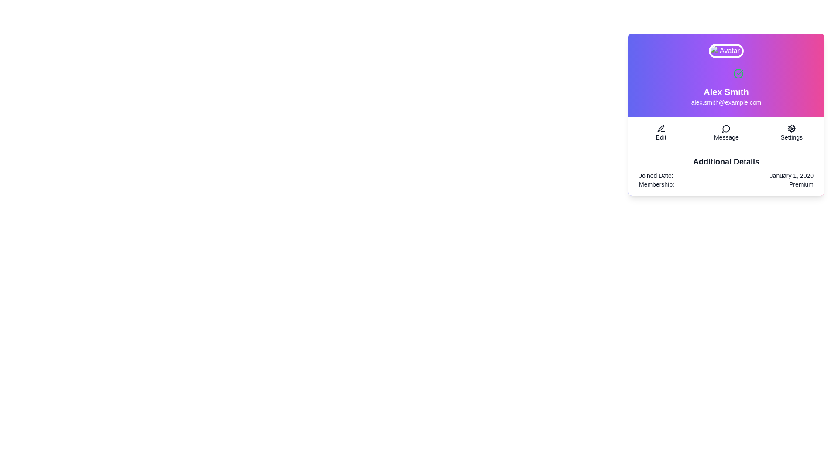 Image resolution: width=838 pixels, height=471 pixels. What do you see at coordinates (726, 133) in the screenshot?
I see `the 'Message' button, which features a speech bubble icon and centered text in a sans-serif font` at bounding box center [726, 133].